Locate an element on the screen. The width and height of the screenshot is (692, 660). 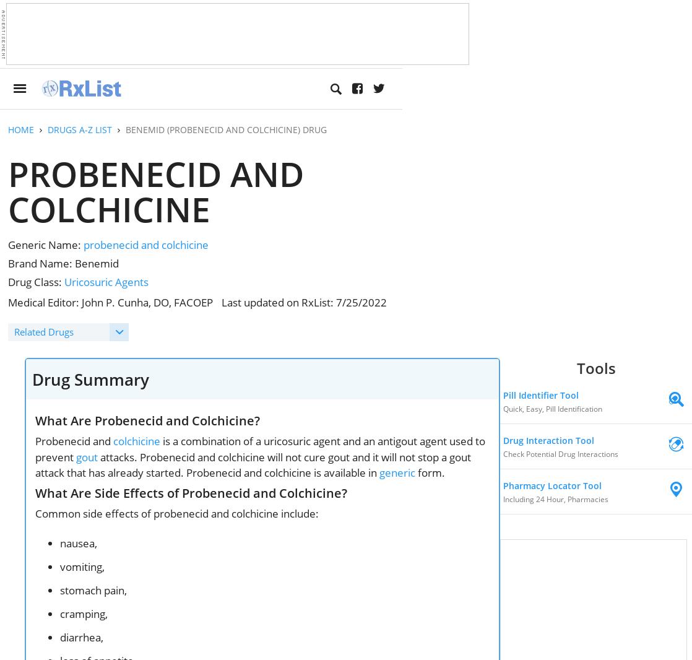
'Benemid' is located at coordinates (74, 263).